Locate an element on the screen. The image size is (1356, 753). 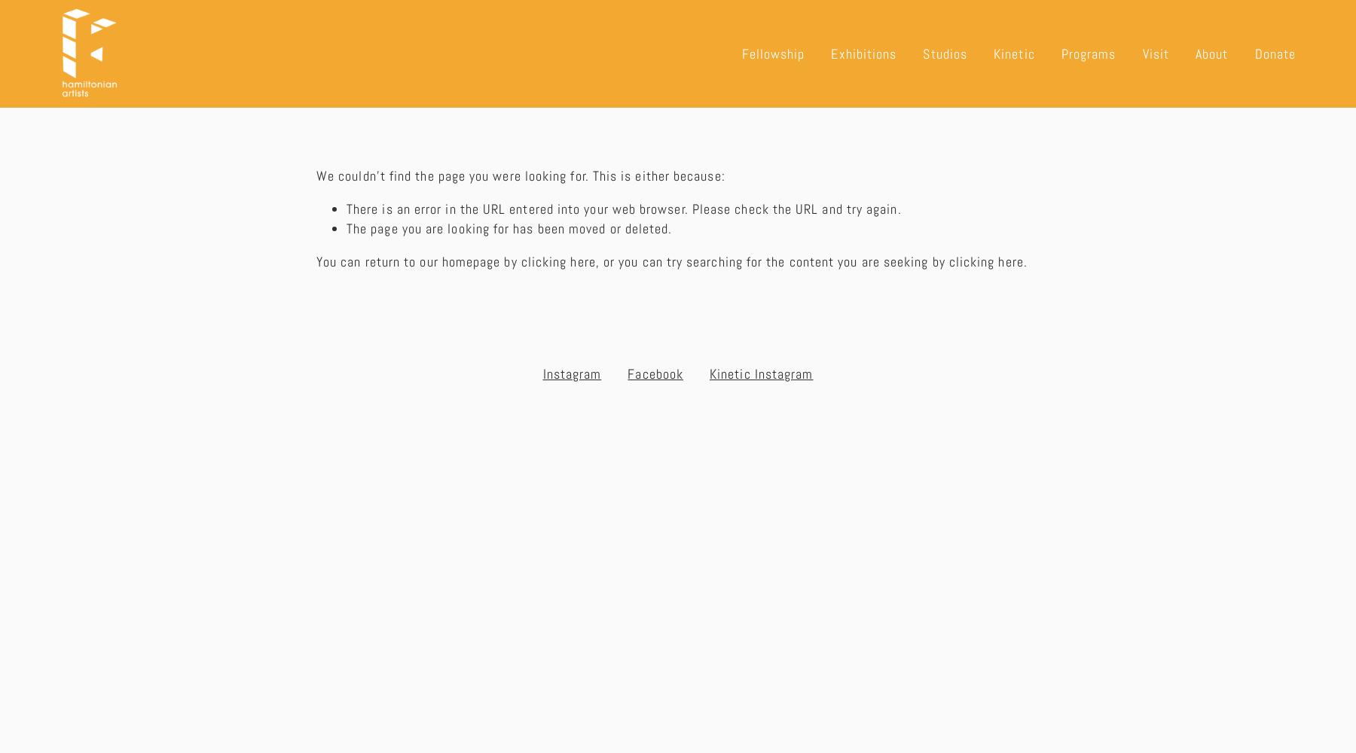
', or you can try searching for the
  content you are seeking by' is located at coordinates (771, 260).